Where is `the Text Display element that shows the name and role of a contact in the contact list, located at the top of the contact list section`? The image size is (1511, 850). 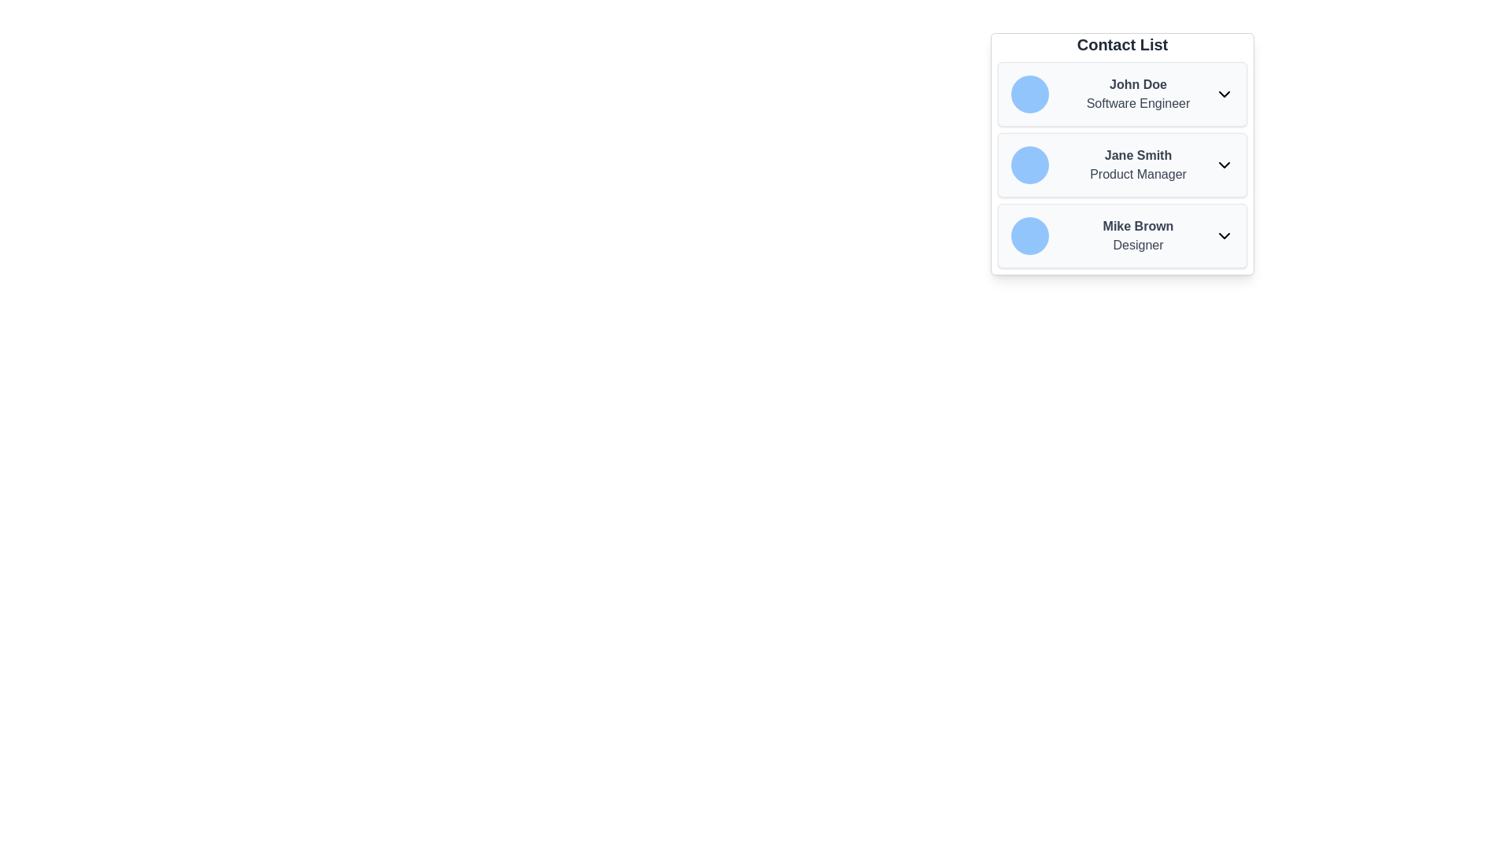
the Text Display element that shows the name and role of a contact in the contact list, located at the top of the contact list section is located at coordinates (1138, 94).